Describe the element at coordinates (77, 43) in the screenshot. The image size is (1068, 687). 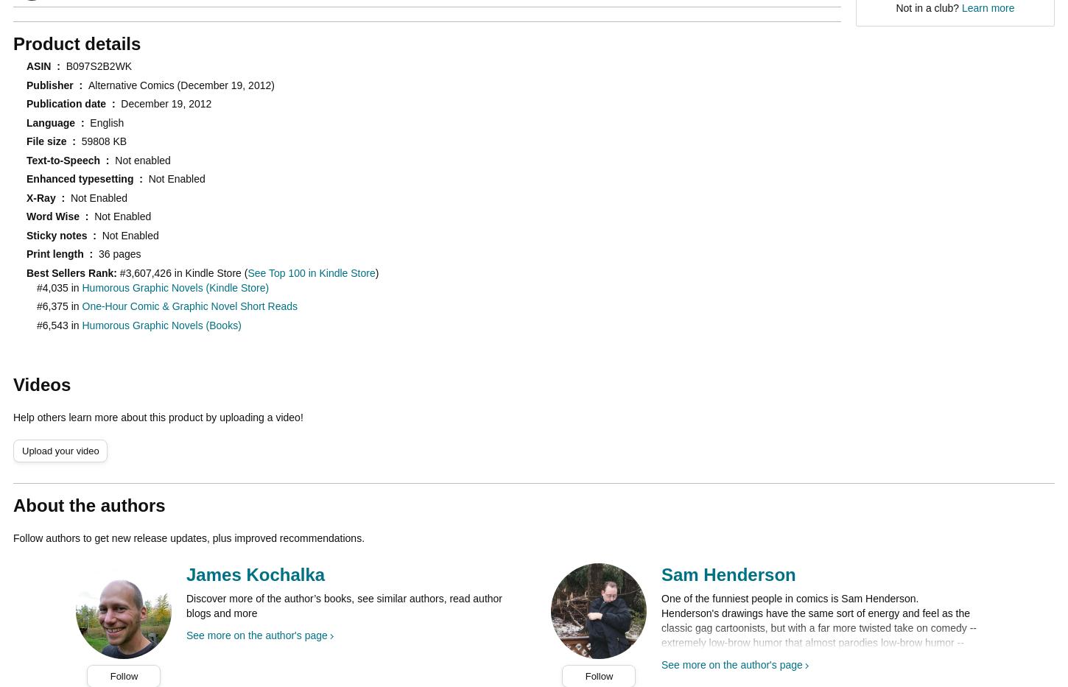
I see `'Product details'` at that location.